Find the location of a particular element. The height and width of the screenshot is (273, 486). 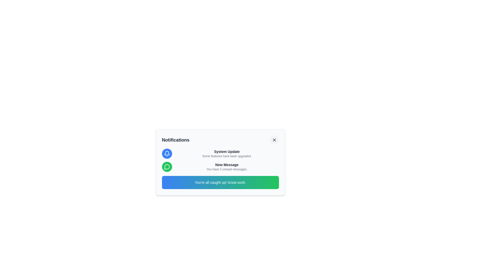

the second notification item in the list that features a green circular icon with a message symbol and displays 'New Message' in bold along with 'You have 3 unread messages' below it is located at coordinates (220, 167).